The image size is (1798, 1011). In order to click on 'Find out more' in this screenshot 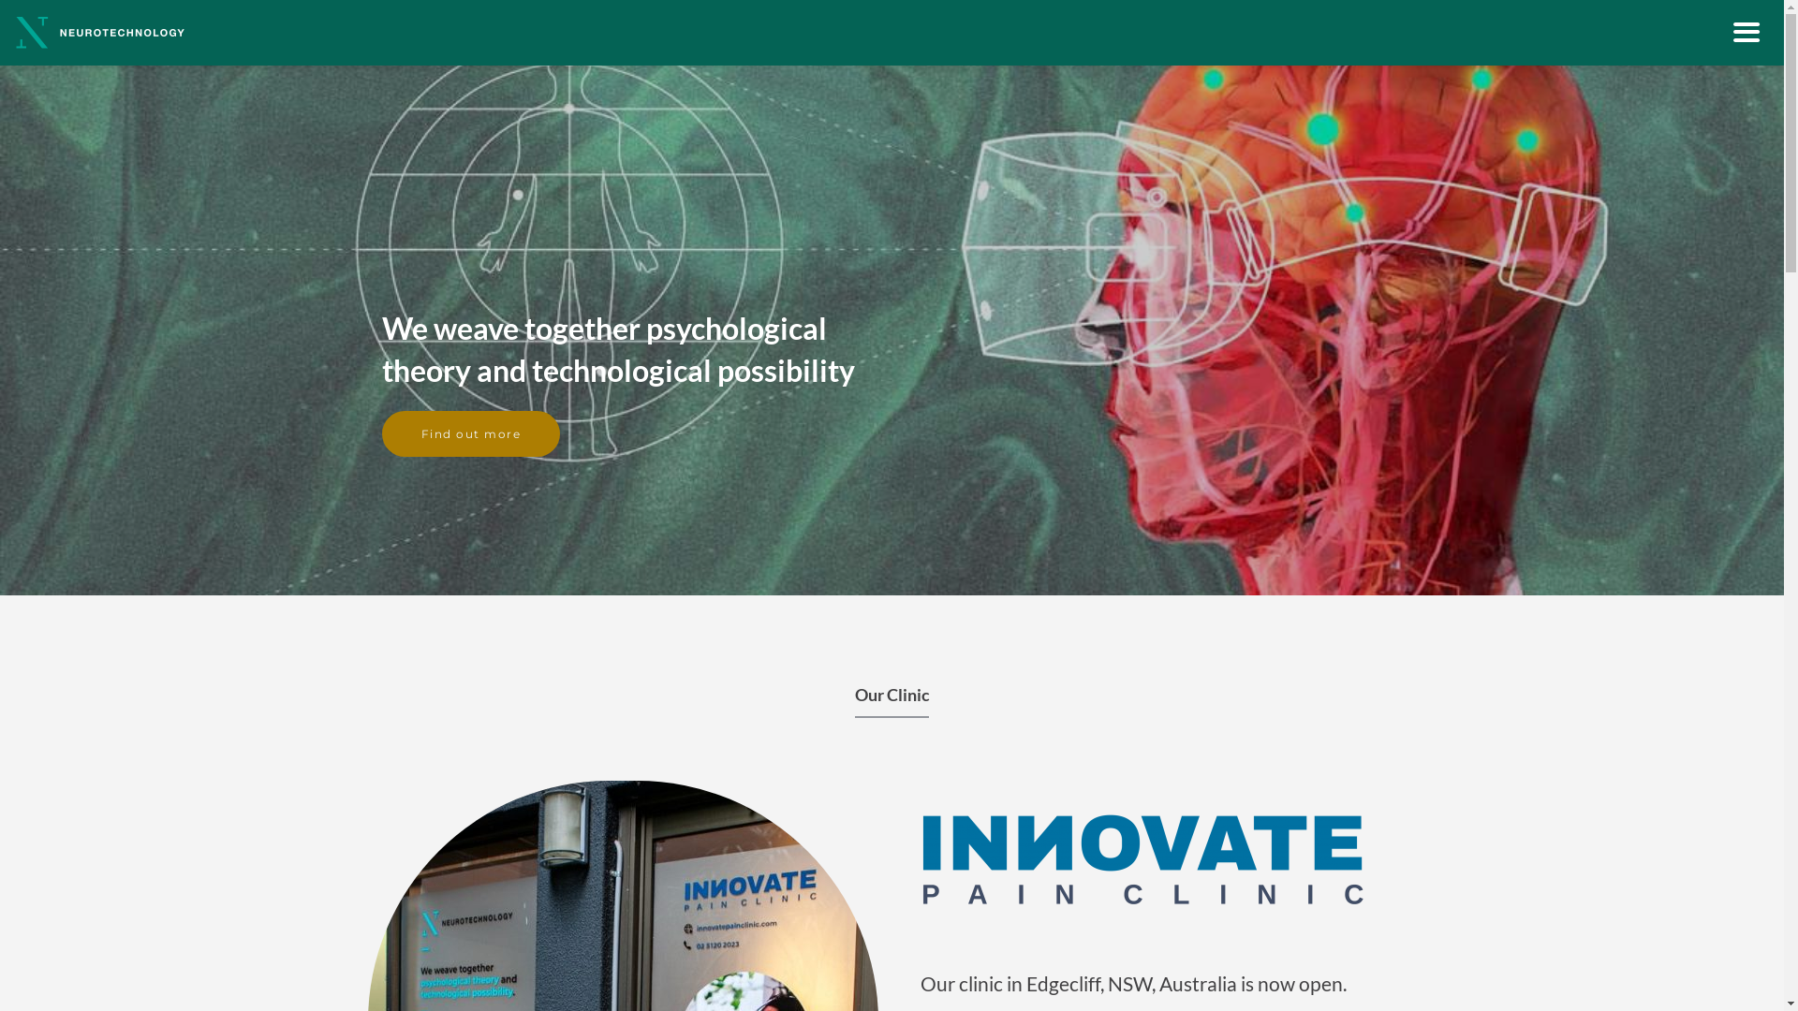, I will do `click(381, 433)`.